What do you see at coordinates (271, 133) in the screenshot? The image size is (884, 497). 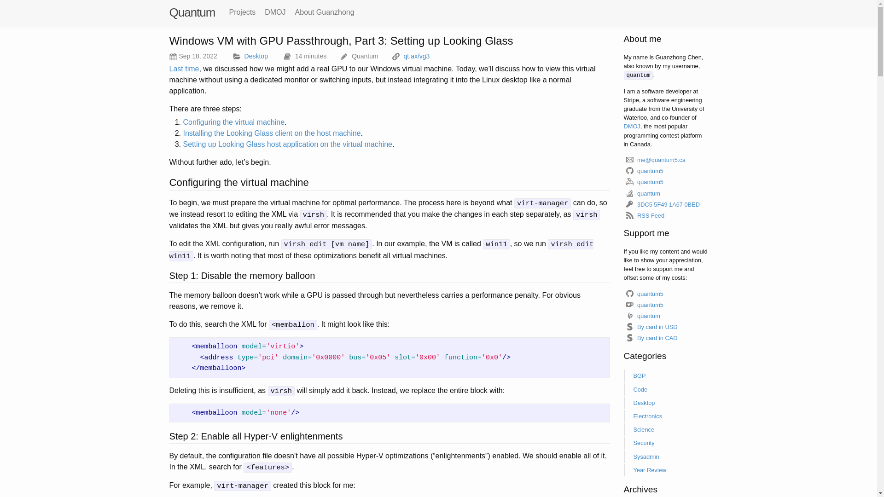 I see `'Installing the Looking Glass client on the host machine'` at bounding box center [271, 133].